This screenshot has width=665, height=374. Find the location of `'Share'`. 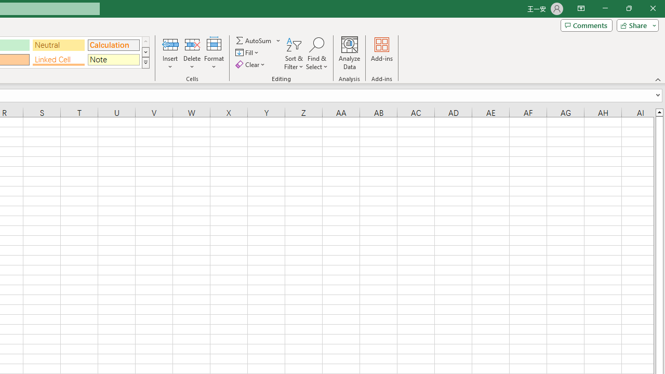

'Share' is located at coordinates (635, 24).